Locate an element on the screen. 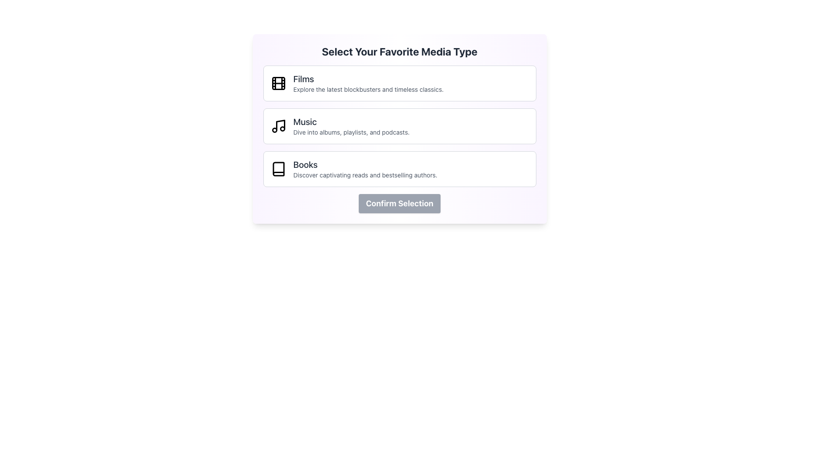 The height and width of the screenshot is (472, 840). the 'Confirm Selection' button located at the bottom-center of the 'Select Your Favorite Media Type' section is located at coordinates (399, 204).